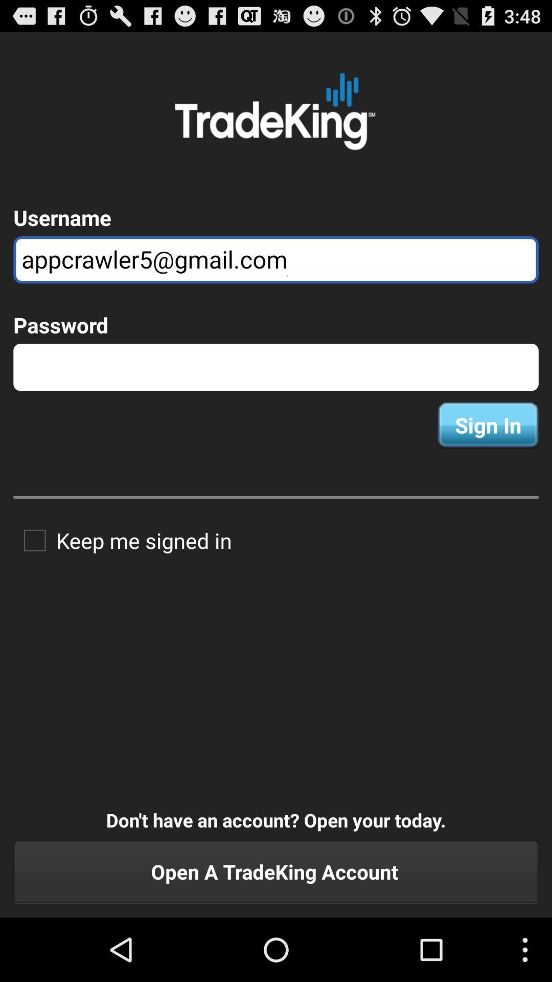  I want to click on the sign in, so click(488, 425).